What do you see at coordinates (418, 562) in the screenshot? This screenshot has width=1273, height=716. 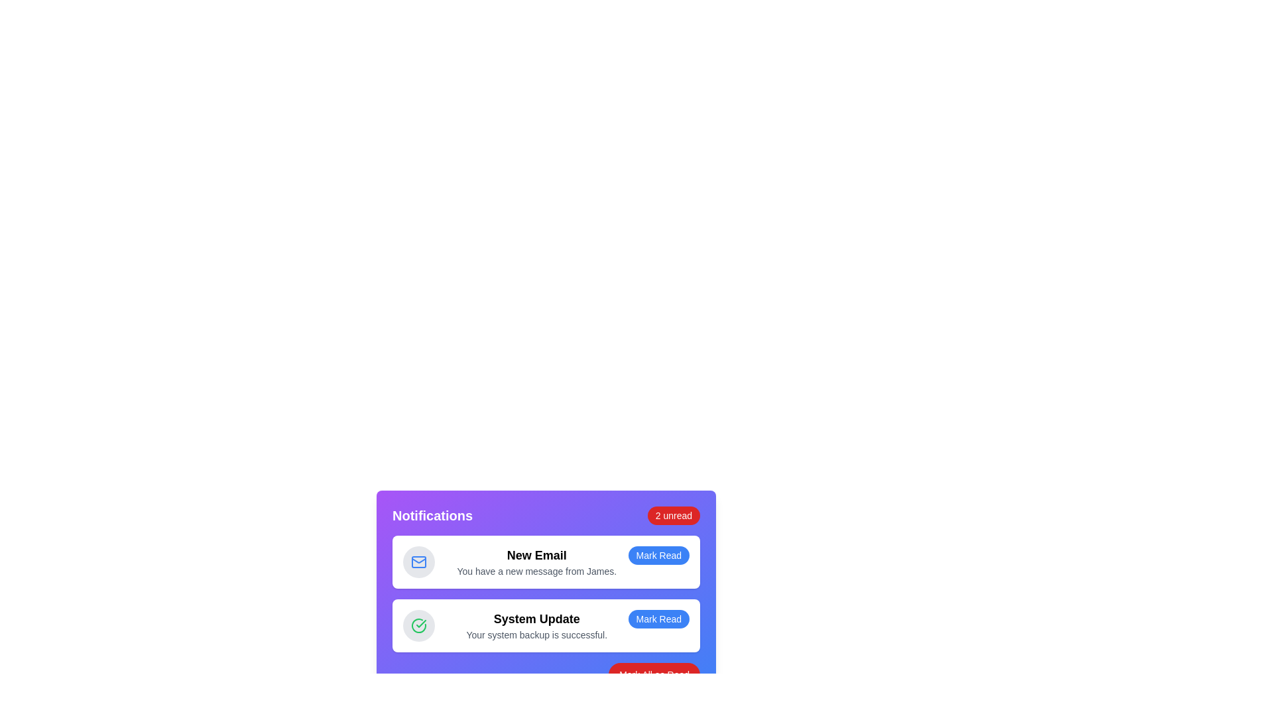 I see `the minimalist blue email icon within the gray circular background in the 'New Email' notification block, located to the left of the text 'New Email'` at bounding box center [418, 562].